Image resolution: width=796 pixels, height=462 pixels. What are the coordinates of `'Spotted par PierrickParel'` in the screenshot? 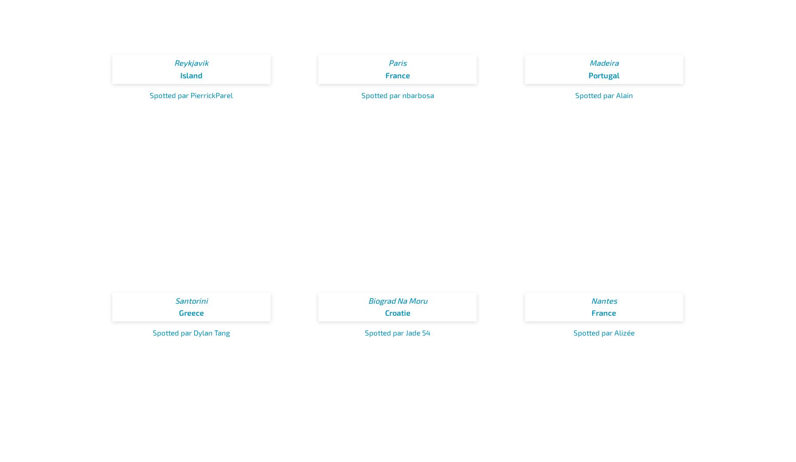 It's located at (191, 94).